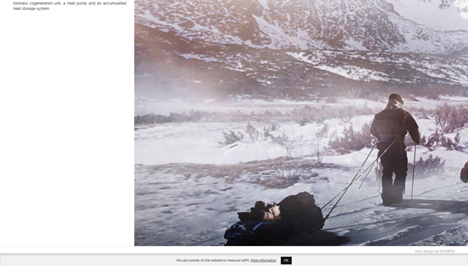 This screenshot has width=468, height=266. Describe the element at coordinates (277, 260) in the screenshot. I see `'.'` at that location.